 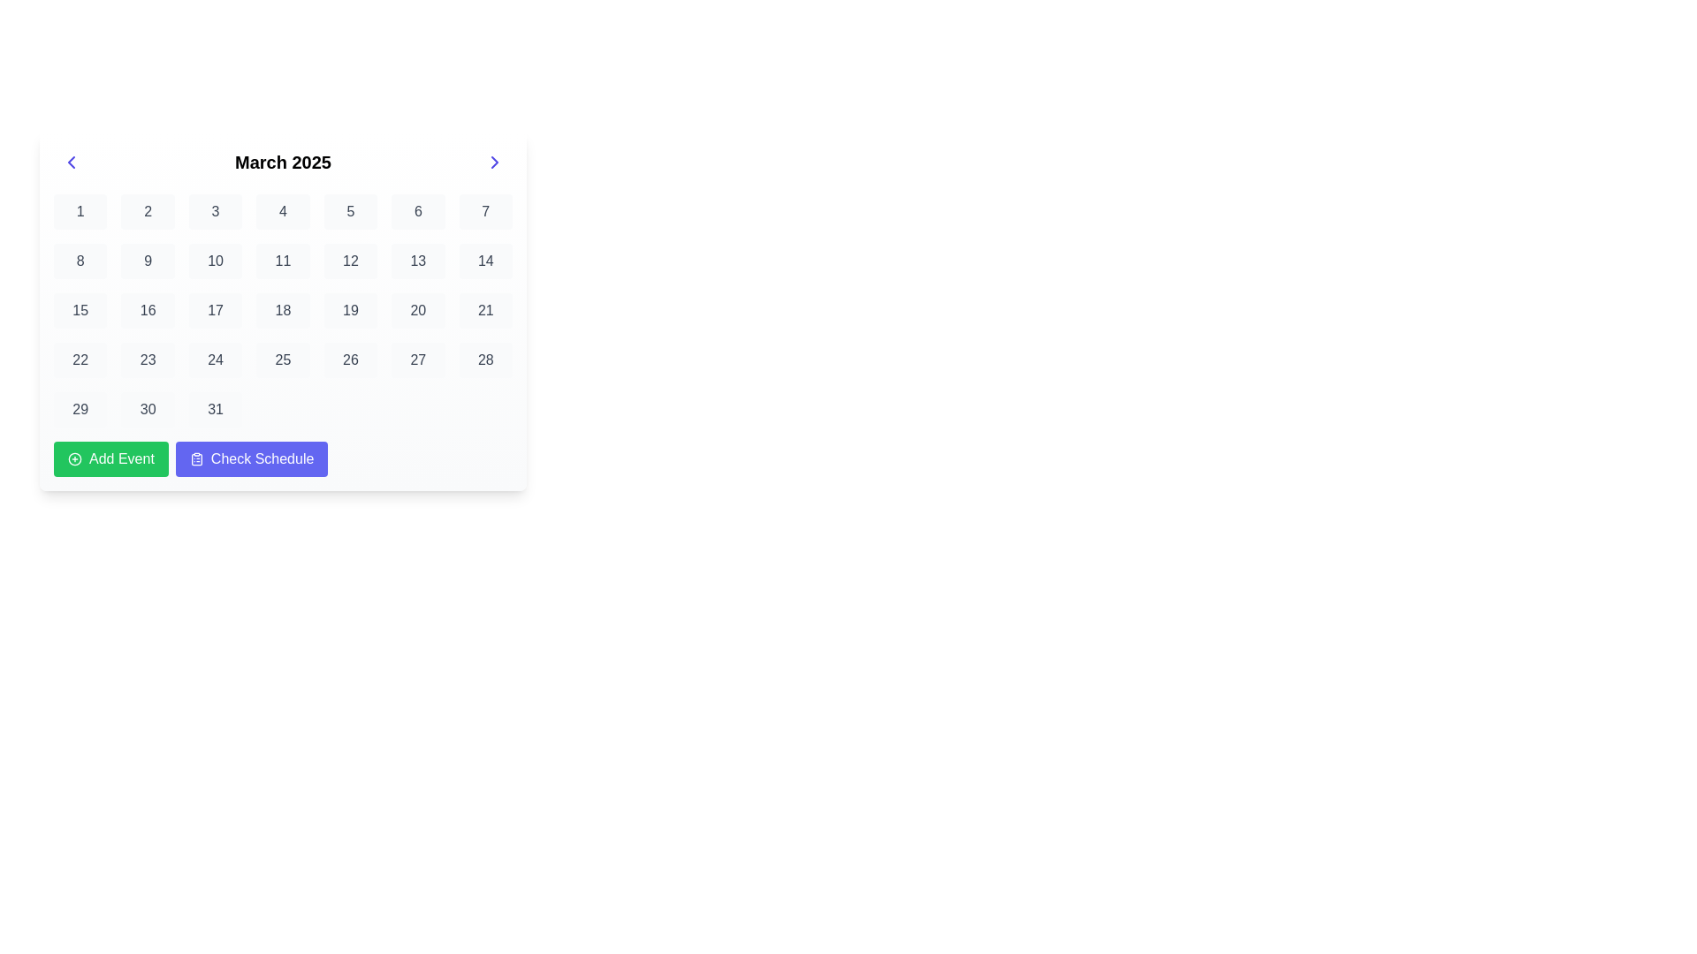 I want to click on the calendar title label that displays the current month and year ('March 2025'), which is centrally positioned at the top of the calendar interface, so click(x=283, y=163).